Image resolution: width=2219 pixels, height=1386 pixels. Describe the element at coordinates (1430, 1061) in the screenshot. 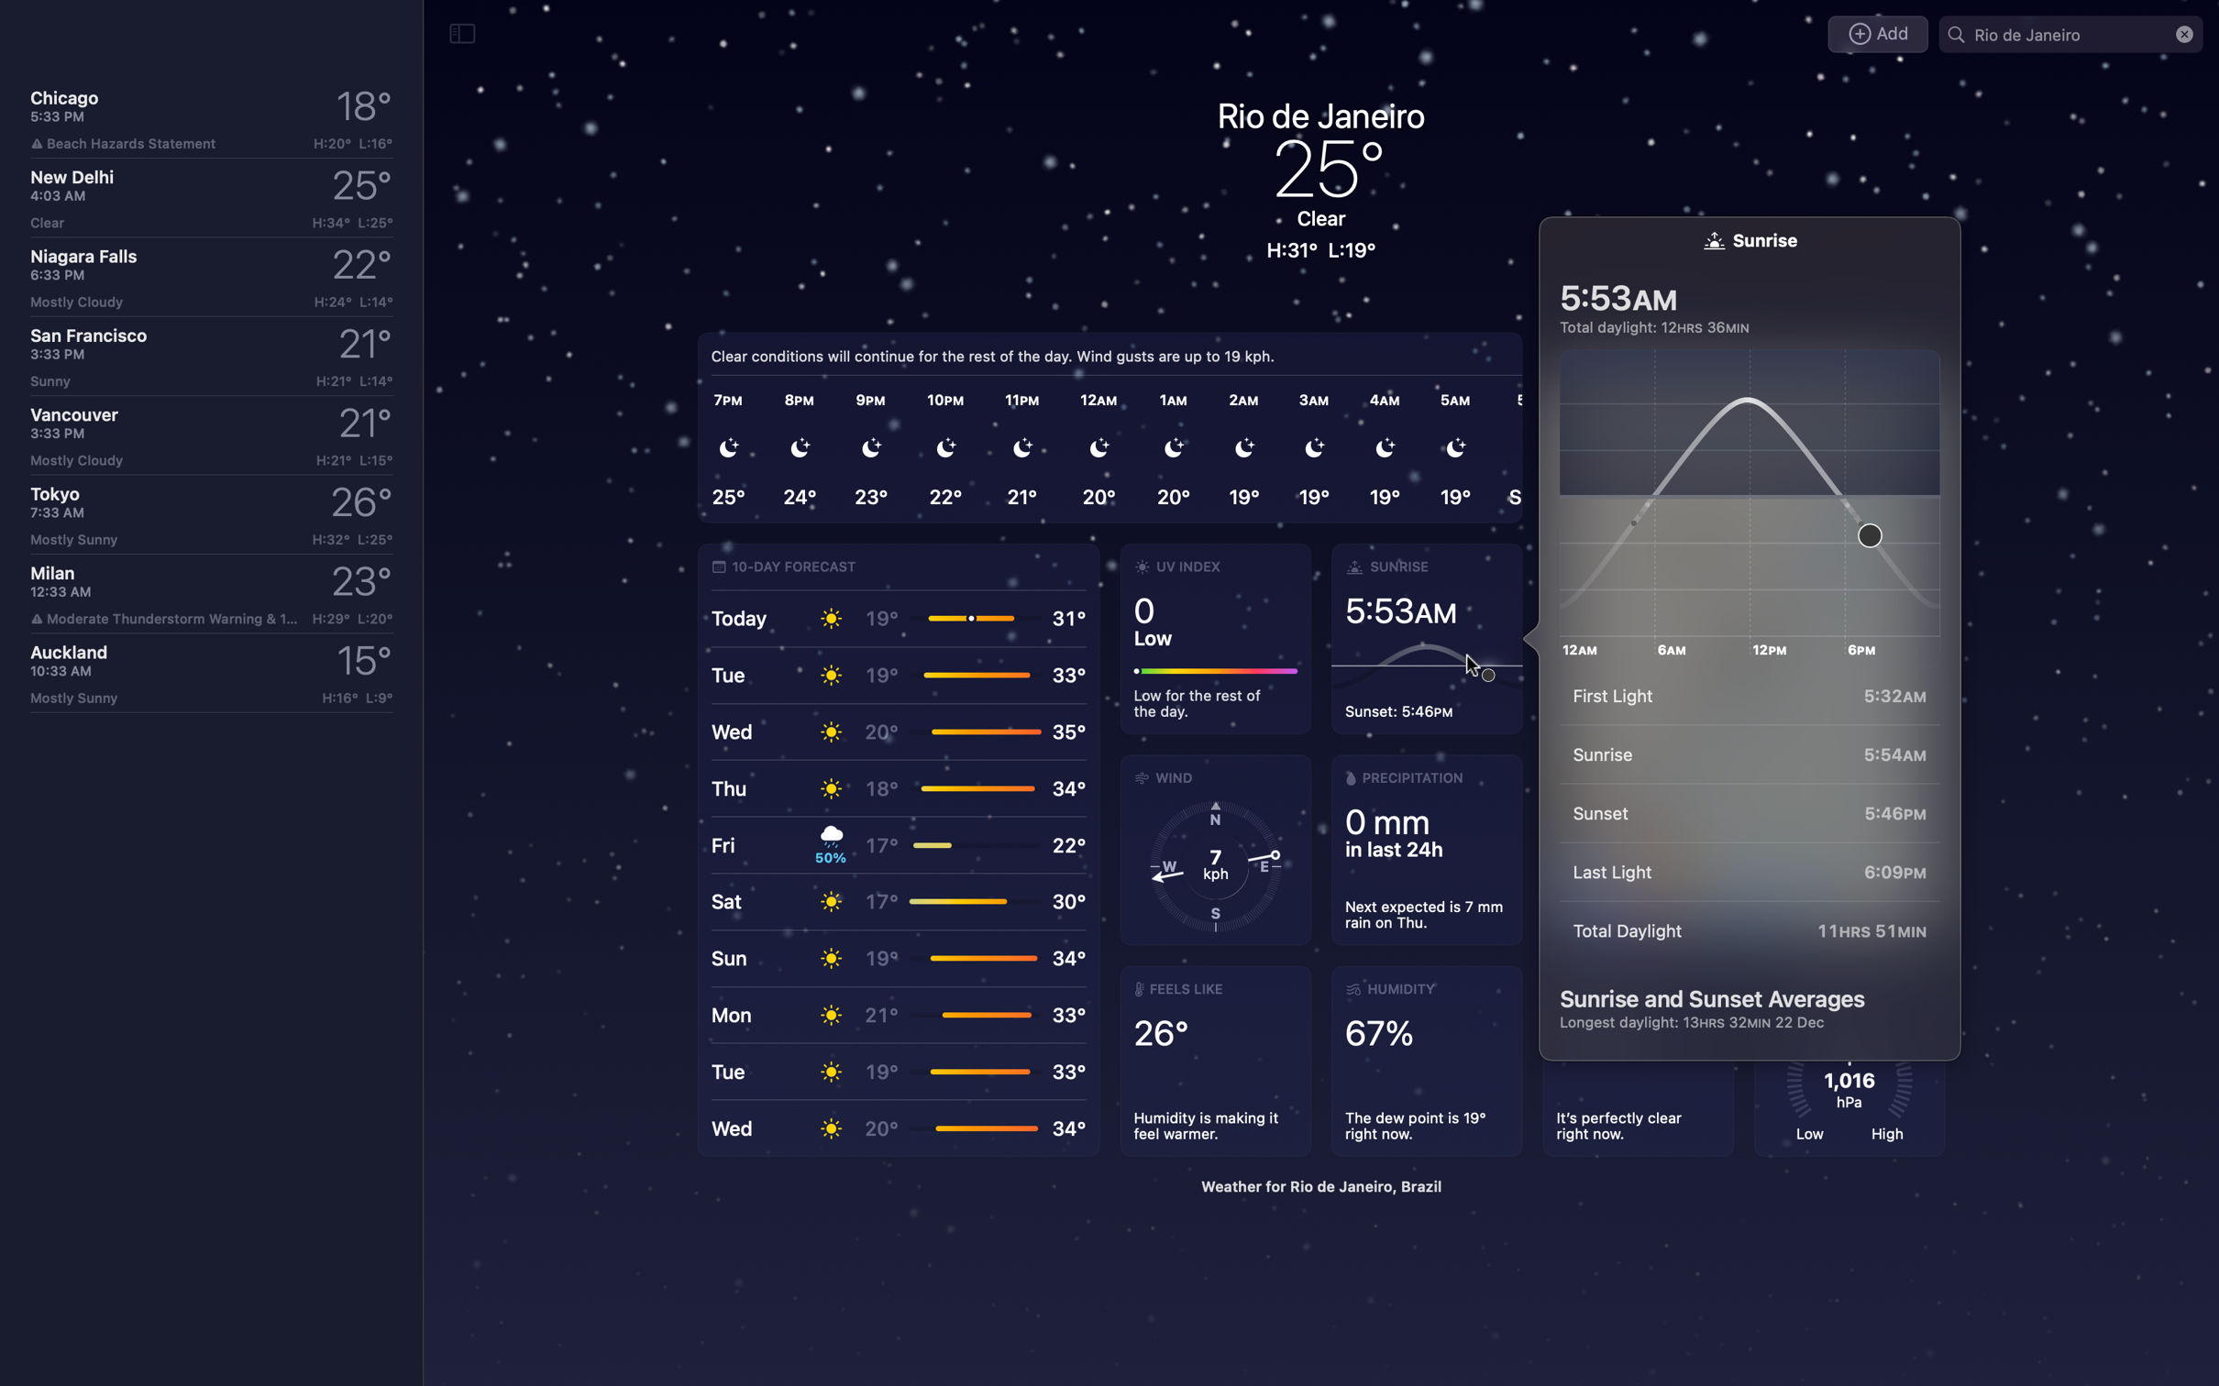

I see `Explore additional information about humidity` at that location.